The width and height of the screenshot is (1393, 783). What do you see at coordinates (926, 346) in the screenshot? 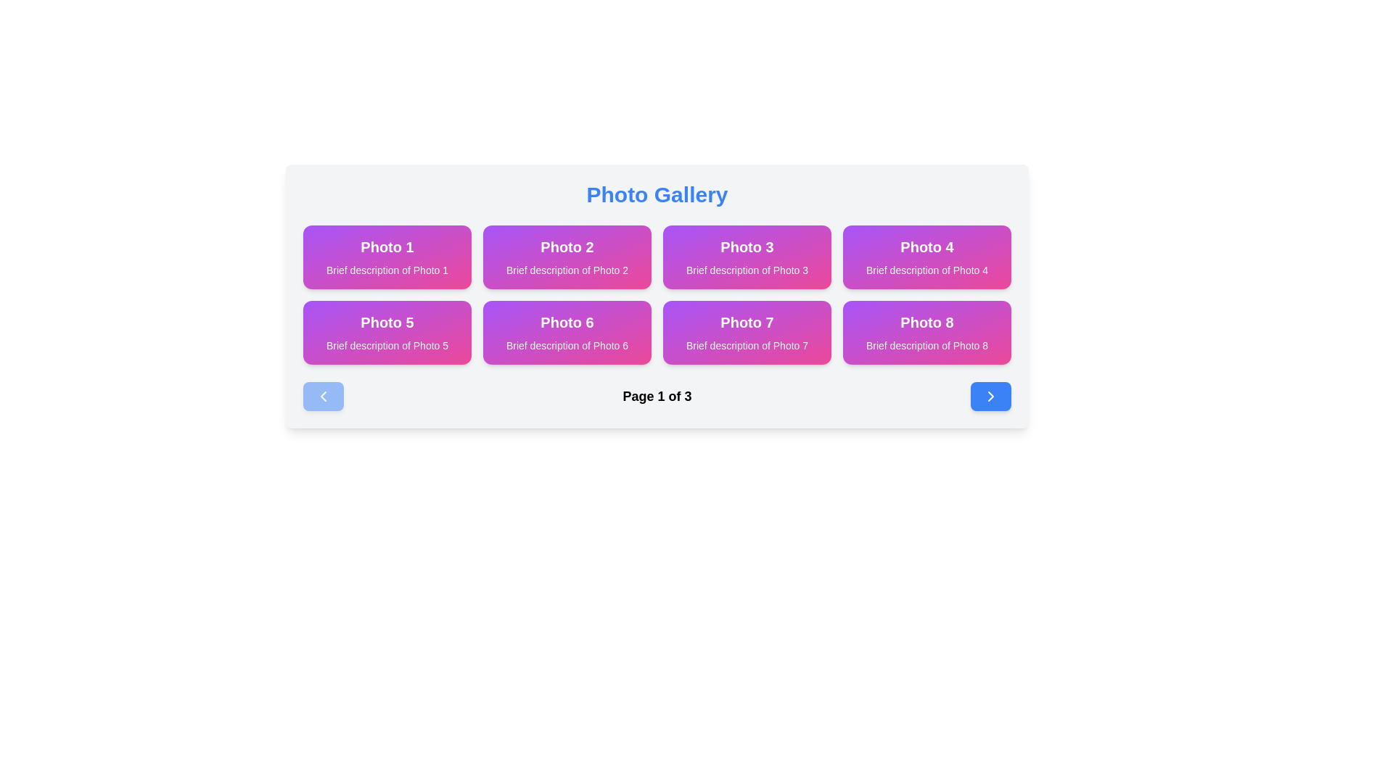
I see `text label that displays 'Brief description of Photo 8', which is styled in white text against a gradient background and located below the title 'Photo 8'` at bounding box center [926, 346].